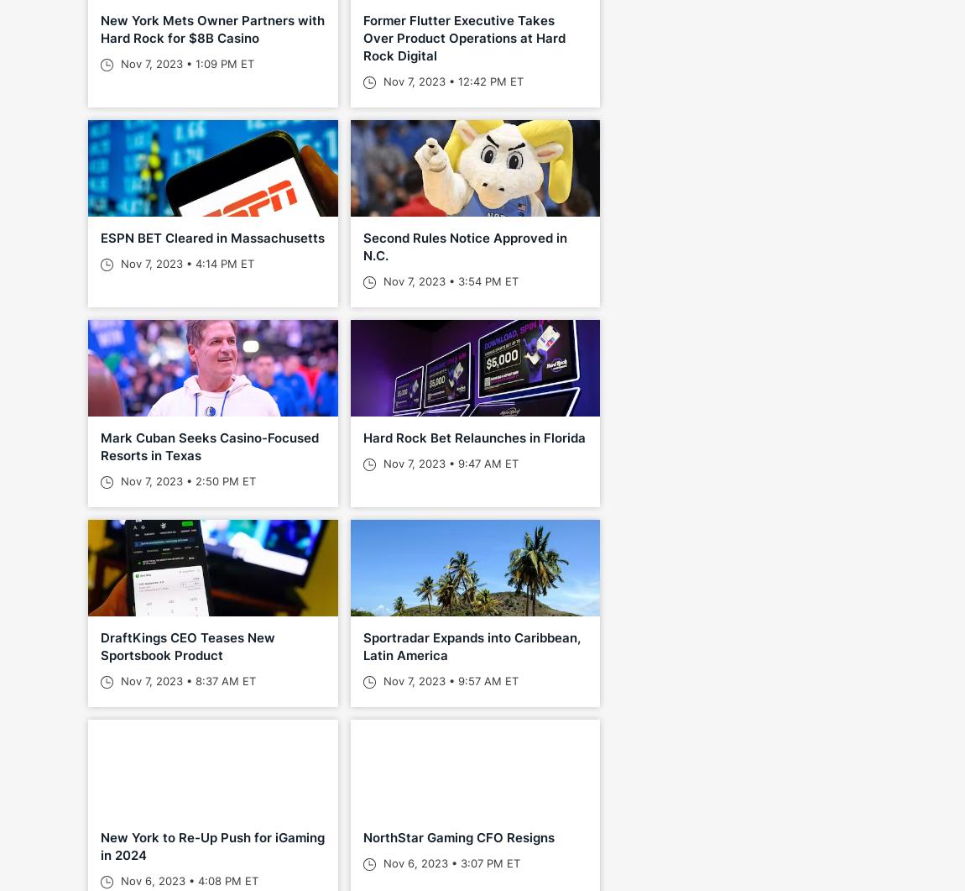  What do you see at coordinates (187, 646) in the screenshot?
I see `'DraftKings CEO Teases New Sportsbook Product'` at bounding box center [187, 646].